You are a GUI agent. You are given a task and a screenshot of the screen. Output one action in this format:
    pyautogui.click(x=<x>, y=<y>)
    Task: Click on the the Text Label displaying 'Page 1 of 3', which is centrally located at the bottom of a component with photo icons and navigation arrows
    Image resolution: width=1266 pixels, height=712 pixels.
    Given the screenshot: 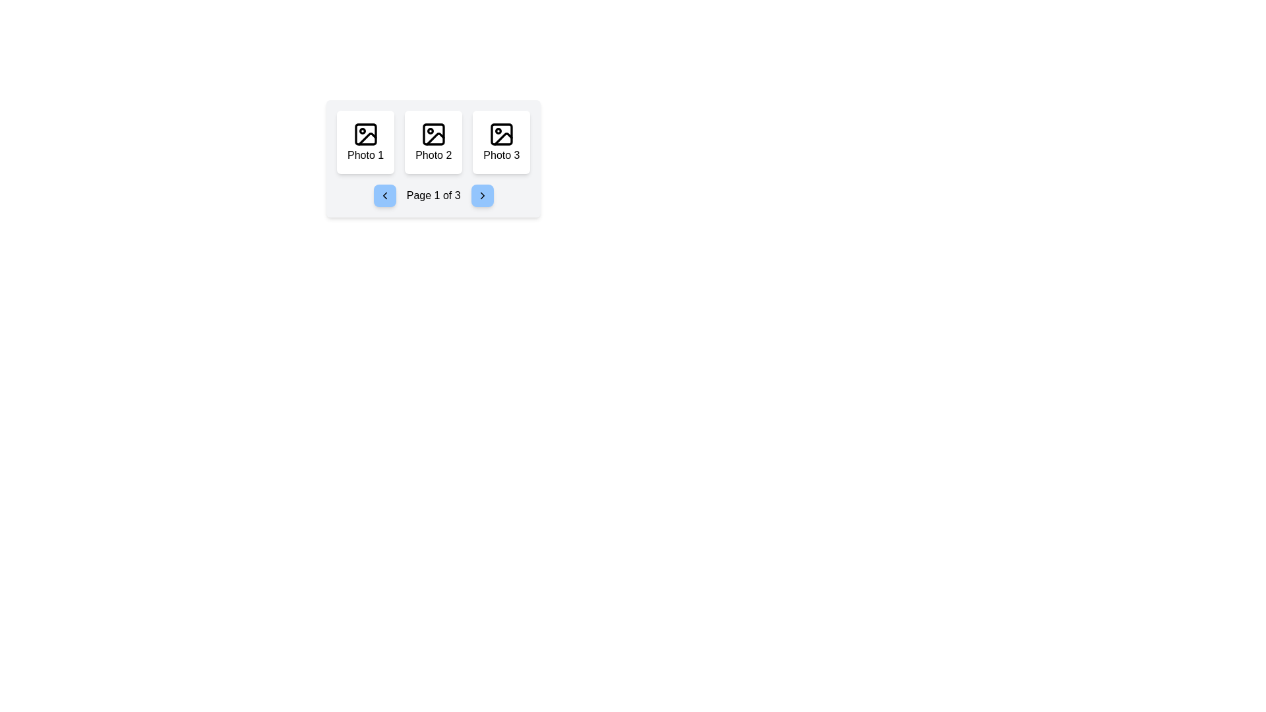 What is the action you would take?
    pyautogui.click(x=433, y=196)
    